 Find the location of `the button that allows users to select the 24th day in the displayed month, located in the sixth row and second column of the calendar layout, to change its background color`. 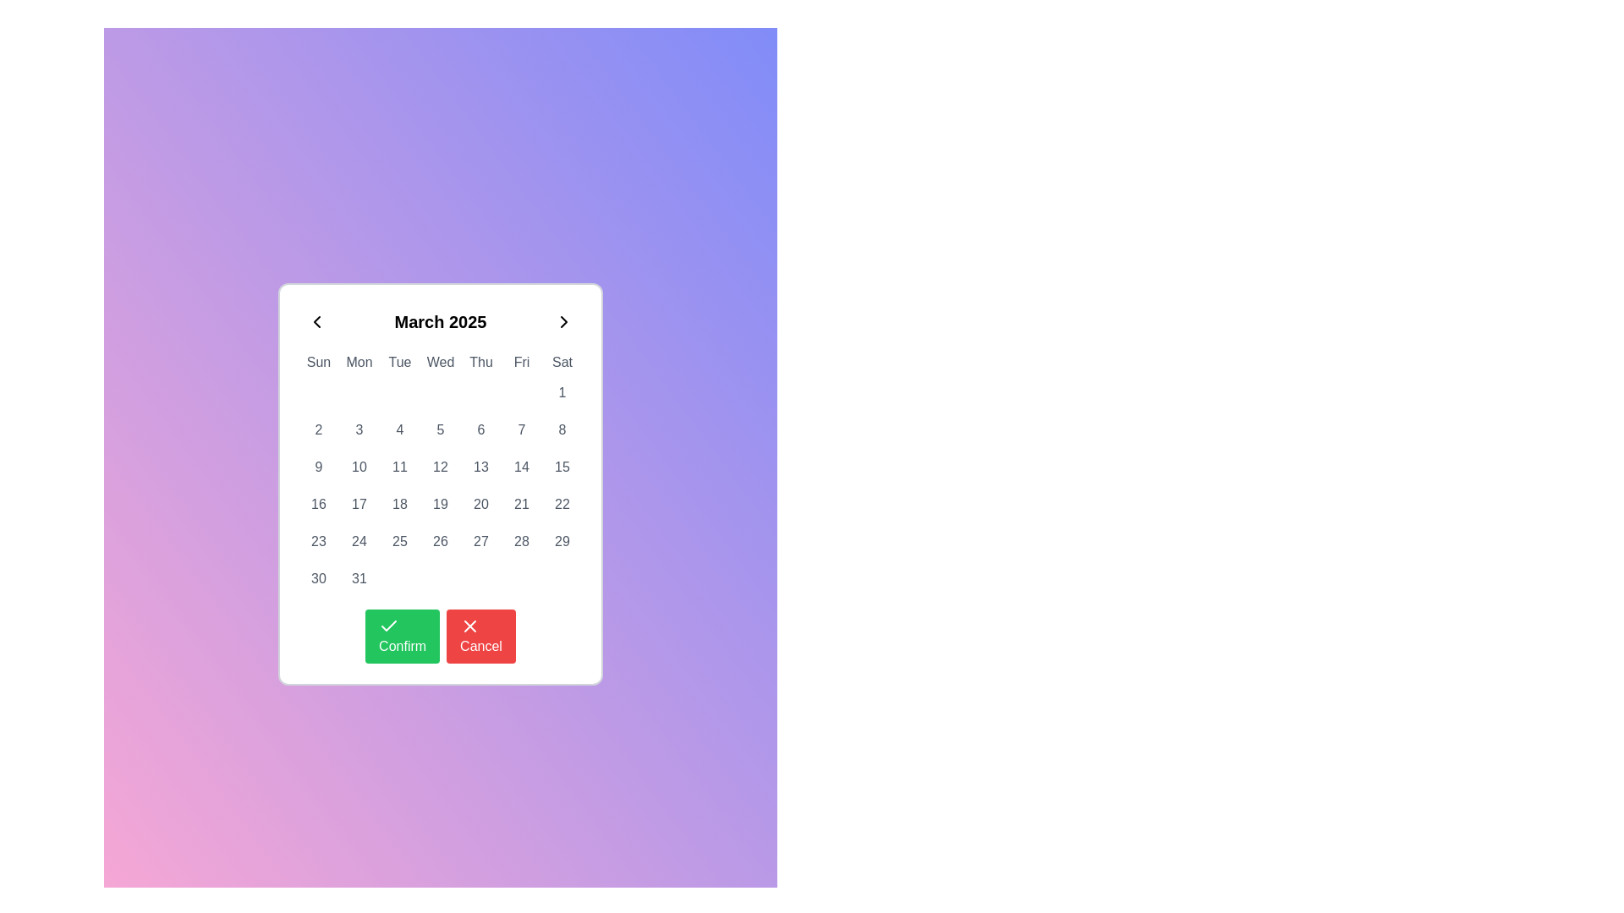

the button that allows users to select the 24th day in the displayed month, located in the sixth row and second column of the calendar layout, to change its background color is located at coordinates (359, 541).